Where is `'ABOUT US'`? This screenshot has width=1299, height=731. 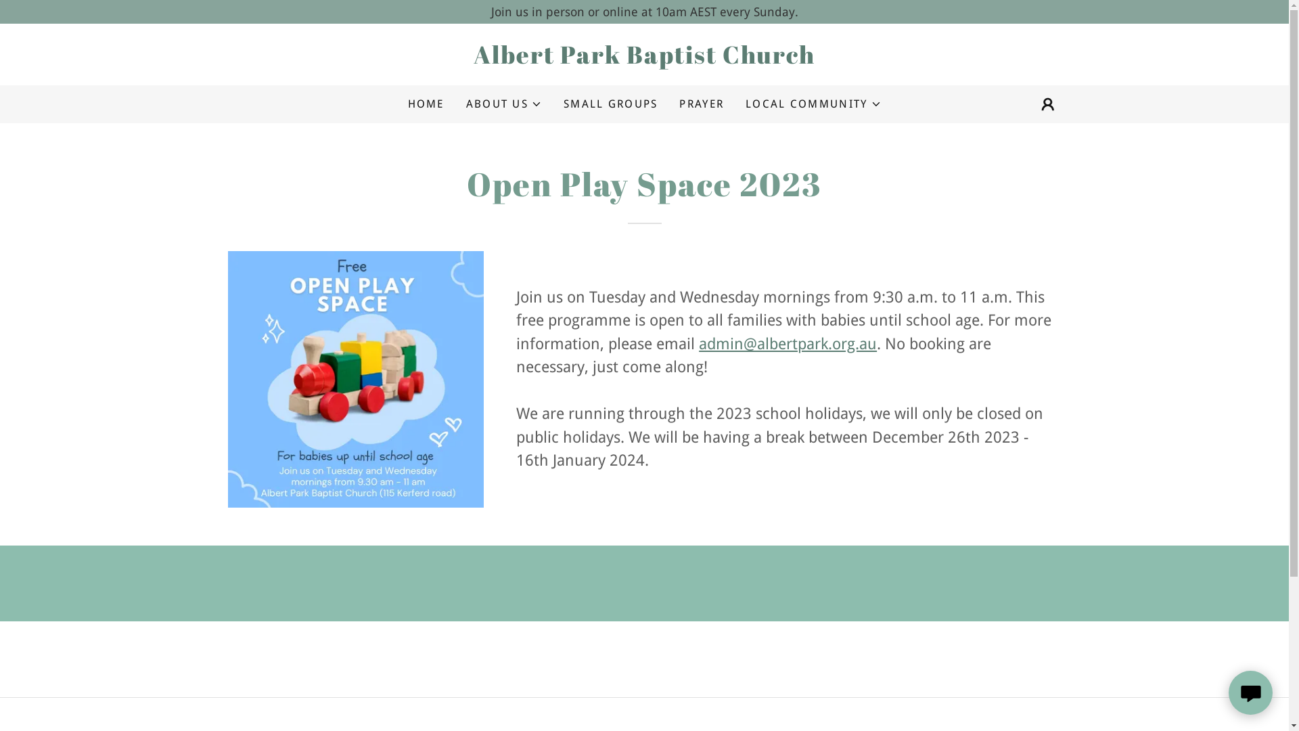 'ABOUT US' is located at coordinates (503, 104).